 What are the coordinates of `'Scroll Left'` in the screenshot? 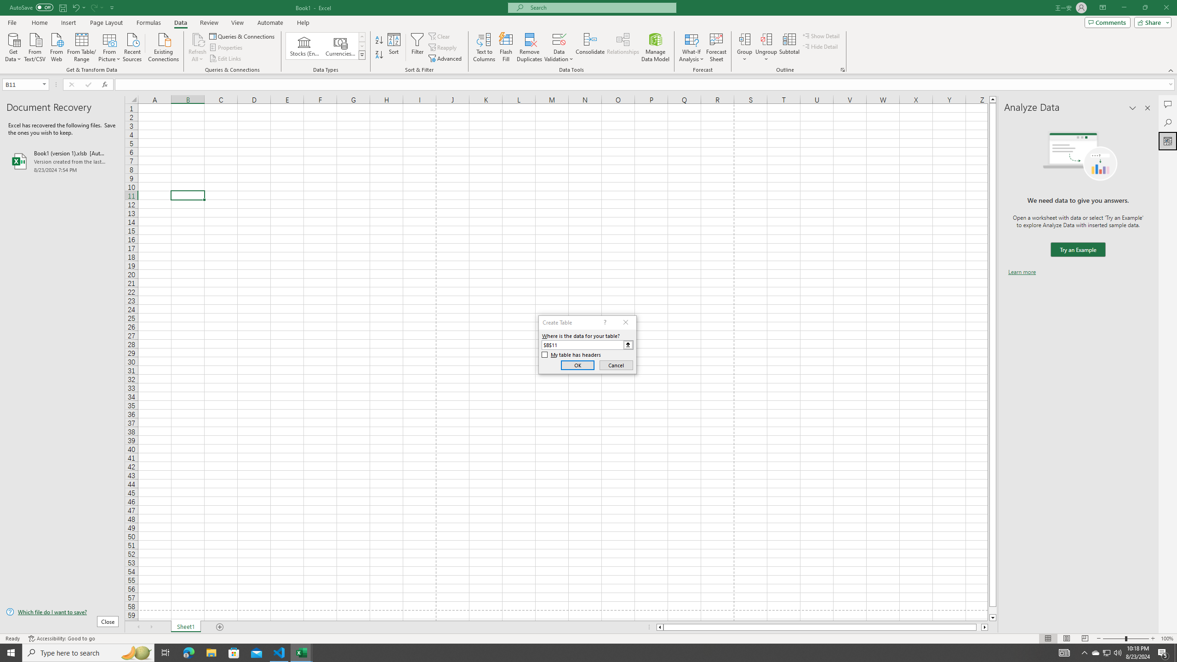 It's located at (137, 627).